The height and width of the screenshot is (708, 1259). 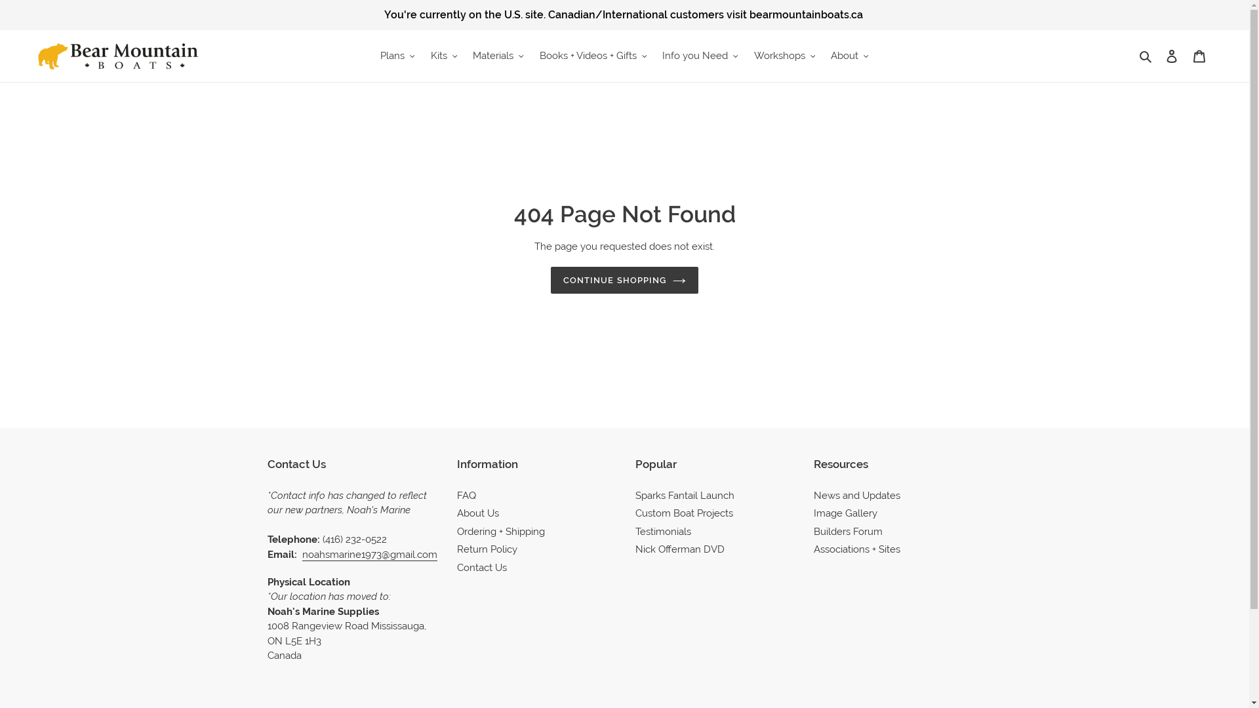 I want to click on 'Kits', so click(x=444, y=55).